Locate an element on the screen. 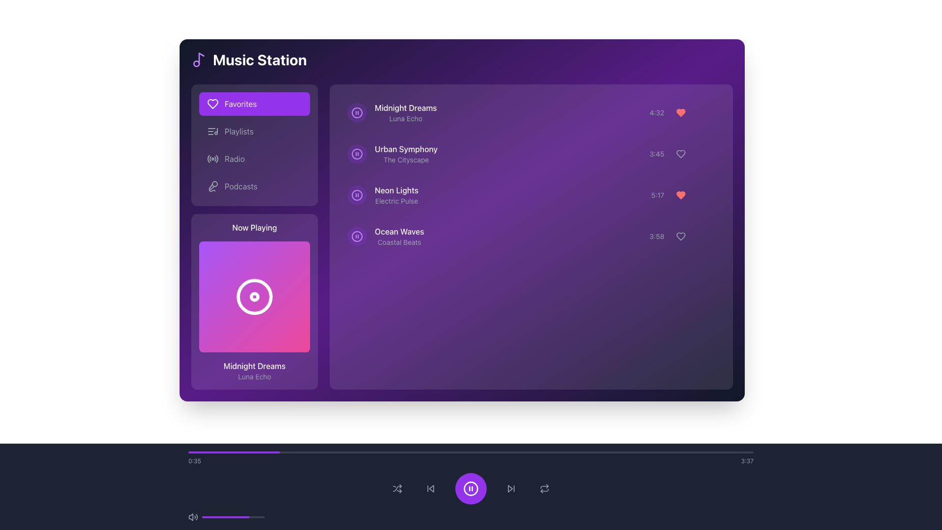 This screenshot has width=942, height=530. the text label displaying 'Coastal Beats', which is located below 'Ocean Waves' in the right-side panel under the 'Now Playing' section is located at coordinates (399, 242).